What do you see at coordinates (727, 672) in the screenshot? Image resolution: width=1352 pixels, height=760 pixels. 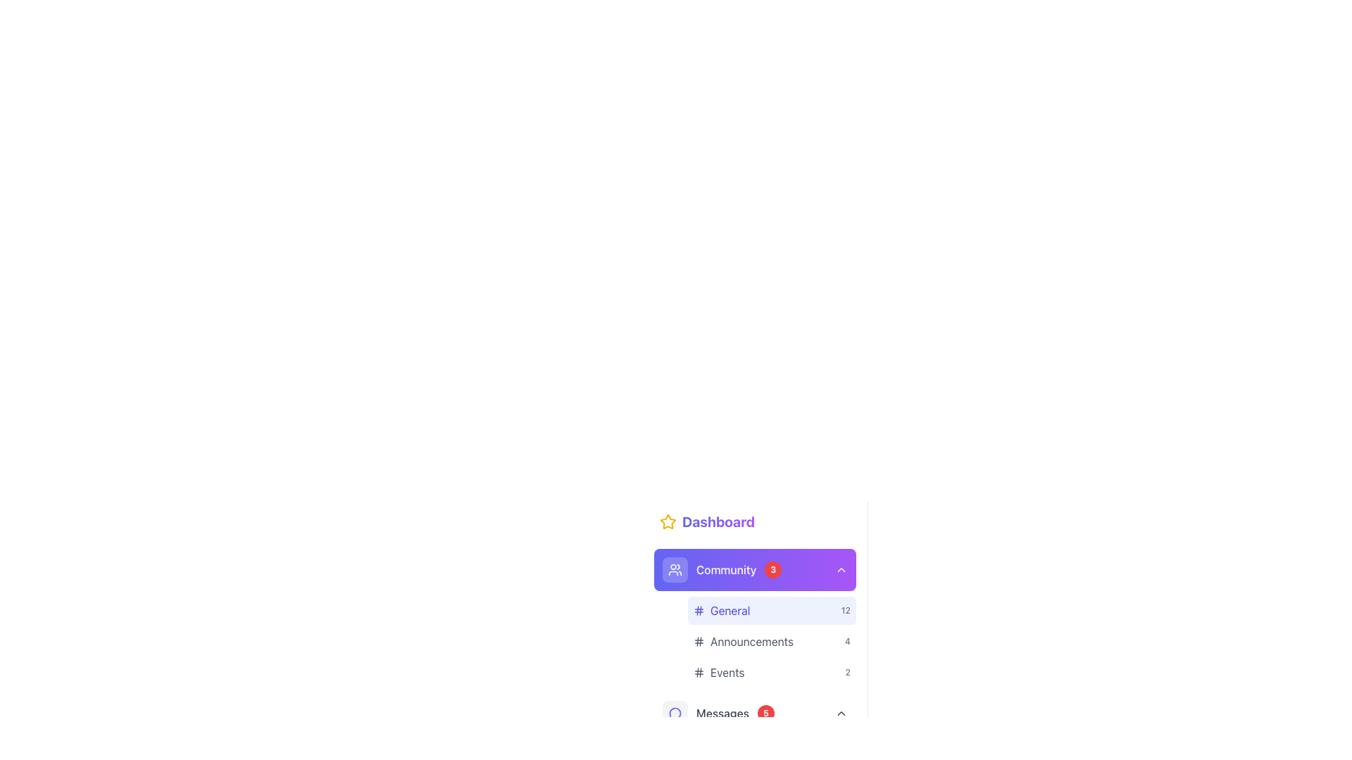 I see `the 'Events' text label in the navigation menu` at bounding box center [727, 672].